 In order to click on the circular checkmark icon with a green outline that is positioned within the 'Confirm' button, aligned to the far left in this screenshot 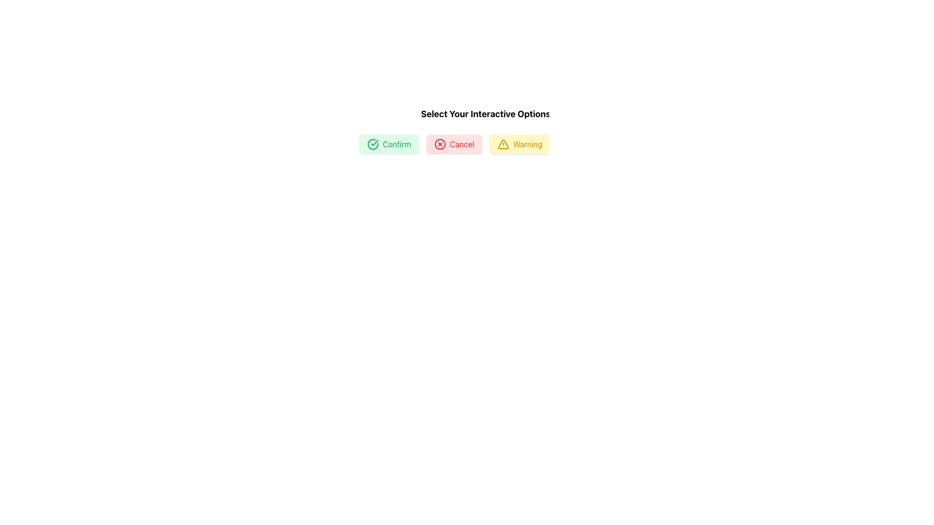, I will do `click(373, 144)`.